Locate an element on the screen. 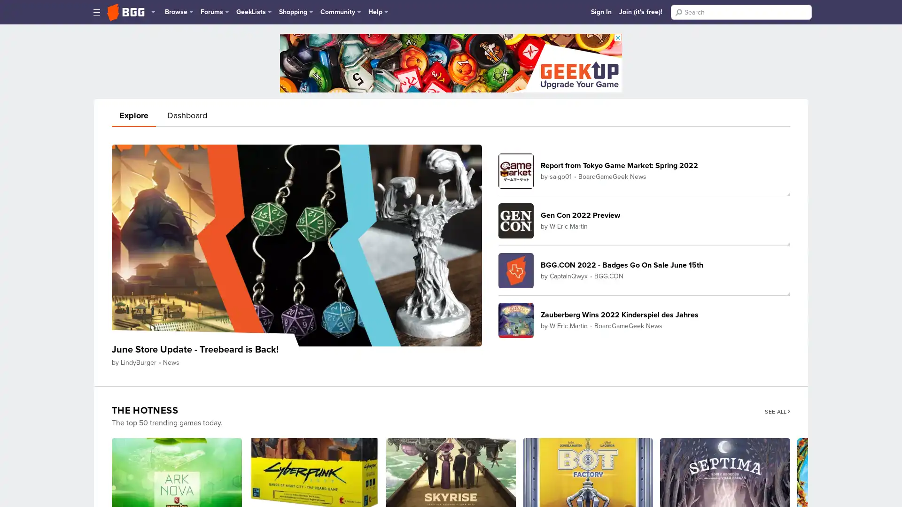 This screenshot has width=902, height=507. Shopping is located at coordinates (295, 12).